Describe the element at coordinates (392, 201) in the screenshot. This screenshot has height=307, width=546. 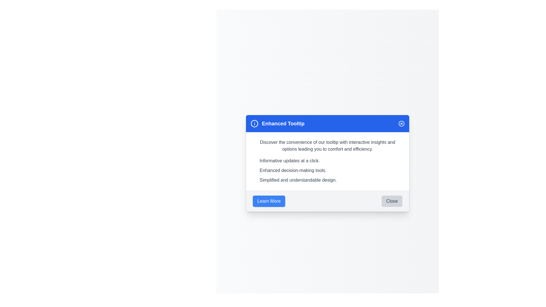
I see `the 'Close' button in the footer of the pop-up modal` at that location.